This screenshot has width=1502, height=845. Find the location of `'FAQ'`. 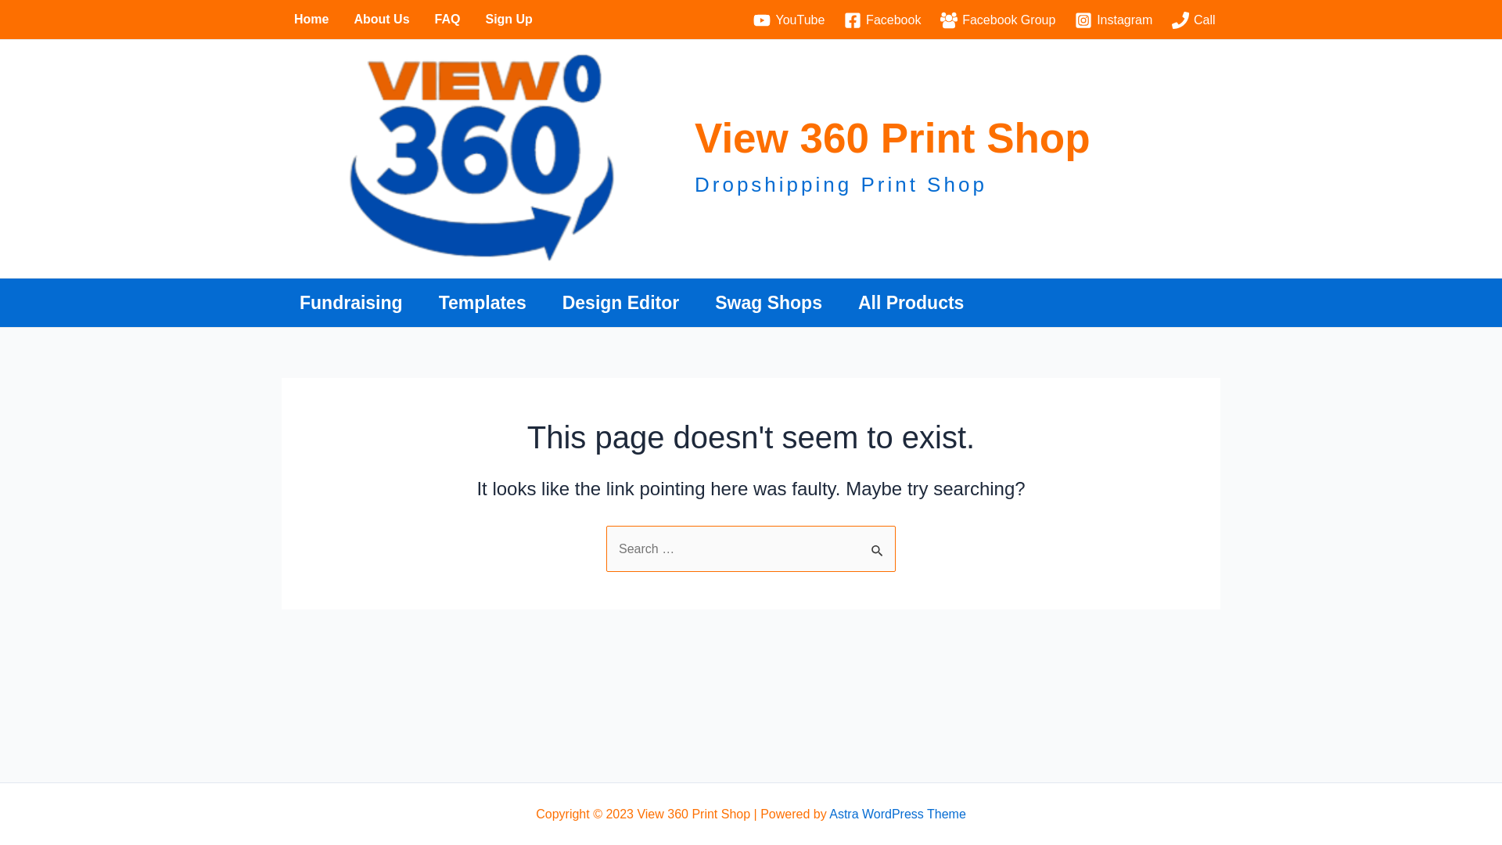

'FAQ' is located at coordinates (447, 19).